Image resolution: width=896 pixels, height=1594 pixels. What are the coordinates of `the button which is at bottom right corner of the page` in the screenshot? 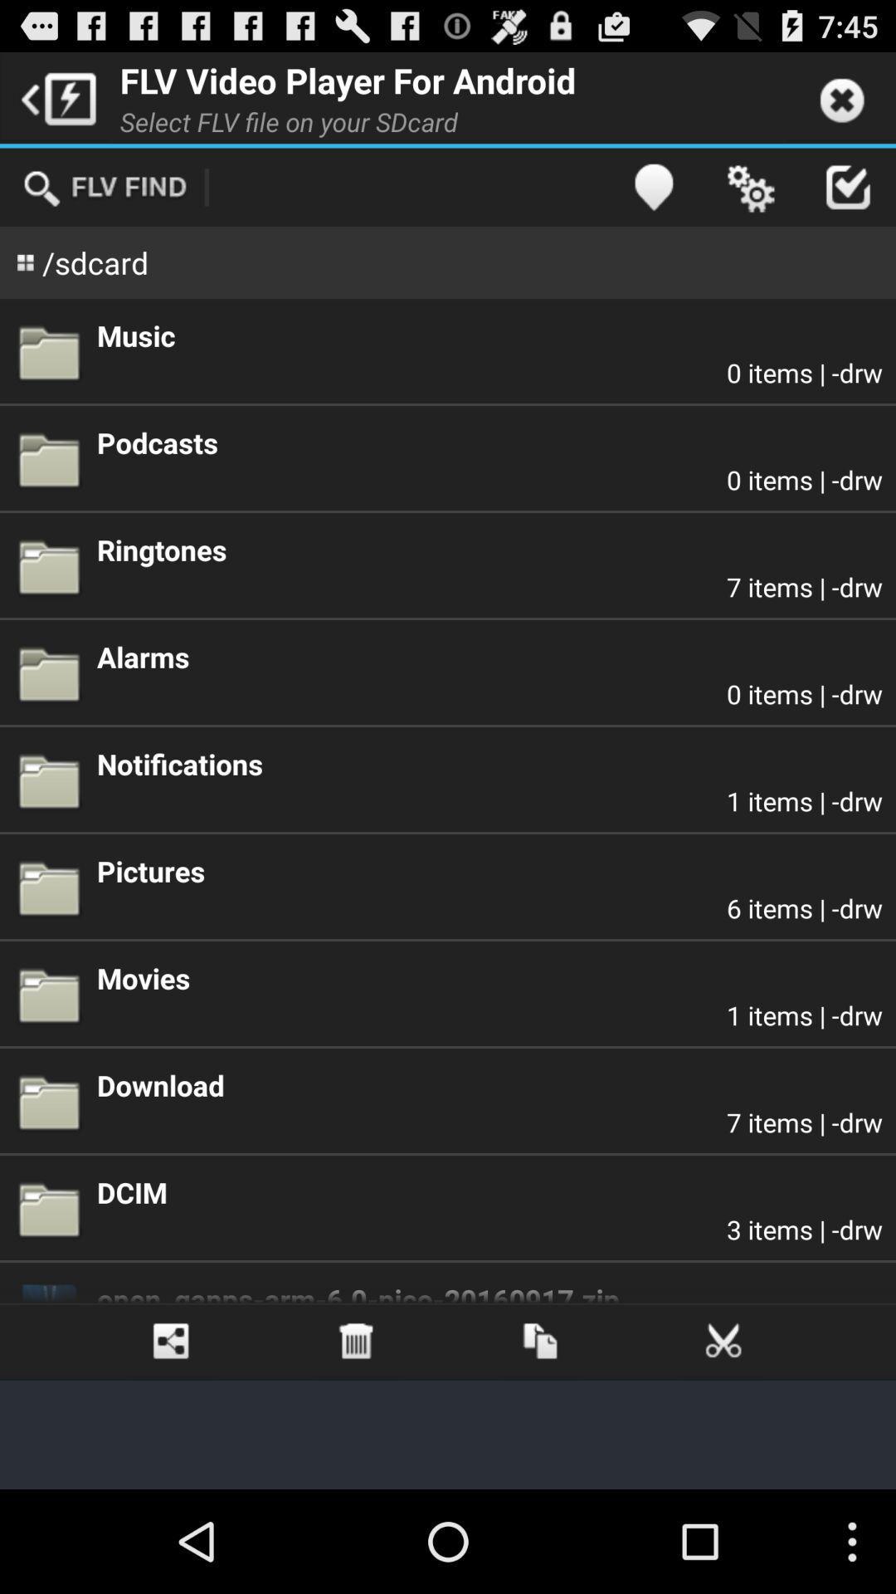 It's located at (723, 1342).